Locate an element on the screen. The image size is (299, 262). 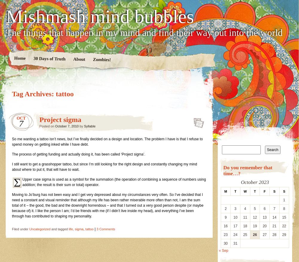
'27' is located at coordinates (264, 234).